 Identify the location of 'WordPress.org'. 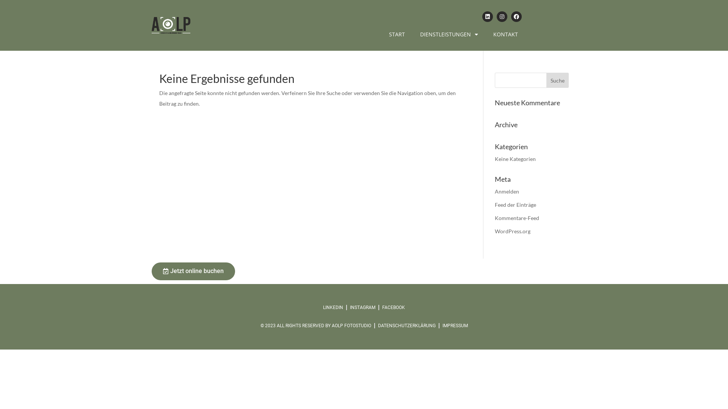
(513, 231).